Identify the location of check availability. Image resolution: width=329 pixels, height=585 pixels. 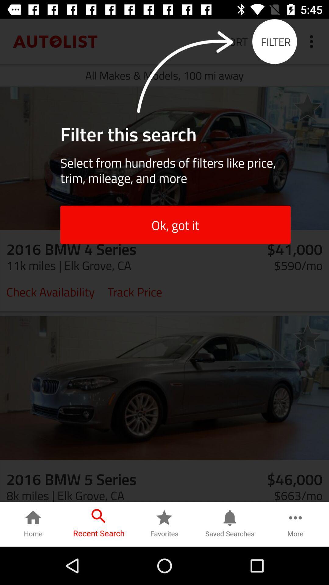
(50, 291).